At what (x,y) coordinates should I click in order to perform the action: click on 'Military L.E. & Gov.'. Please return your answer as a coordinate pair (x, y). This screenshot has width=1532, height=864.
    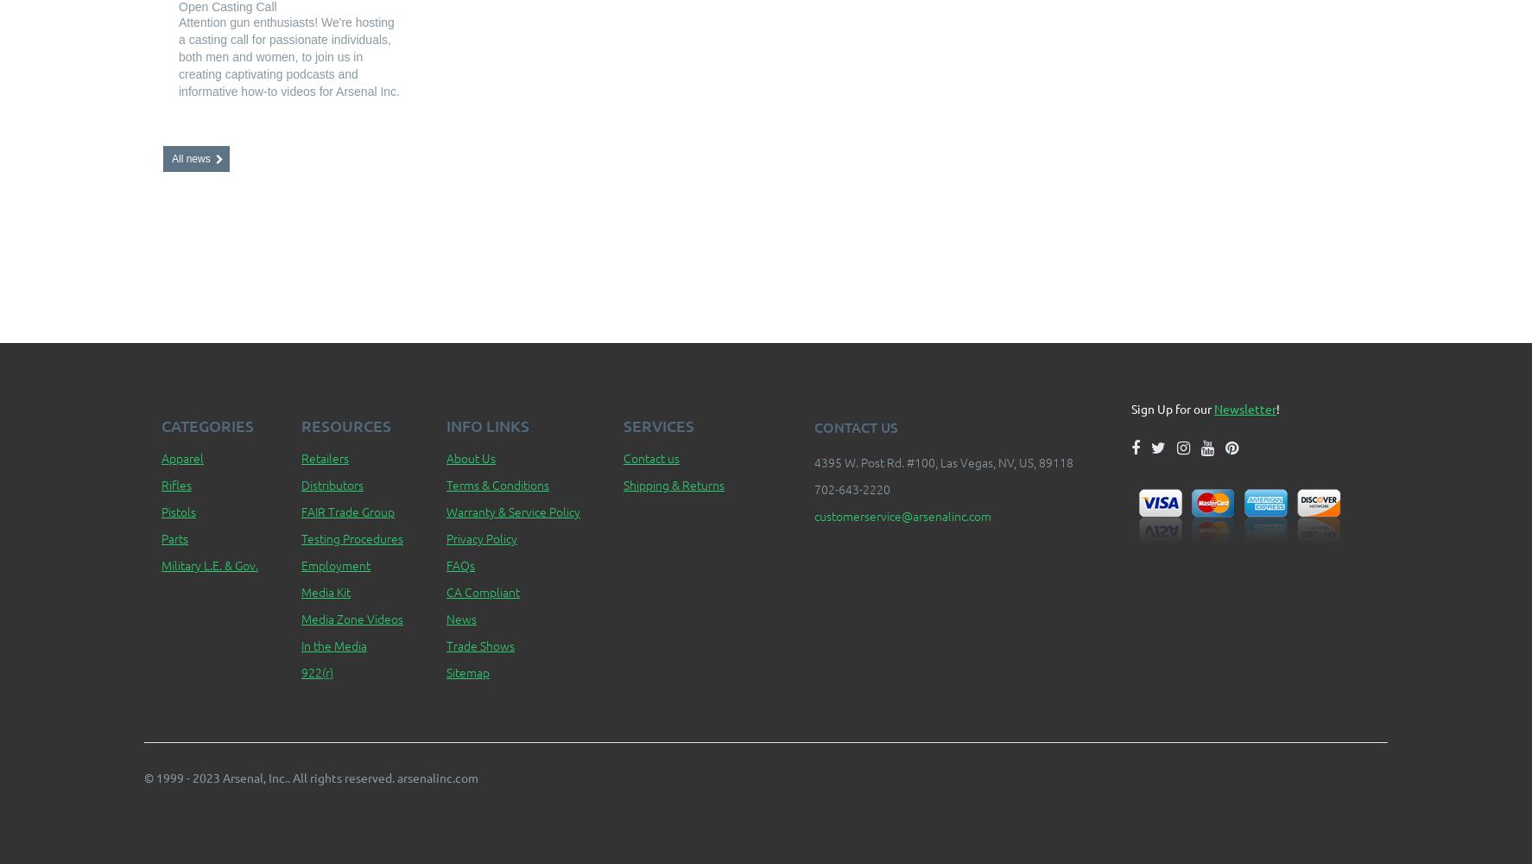
    Looking at the image, I should click on (209, 565).